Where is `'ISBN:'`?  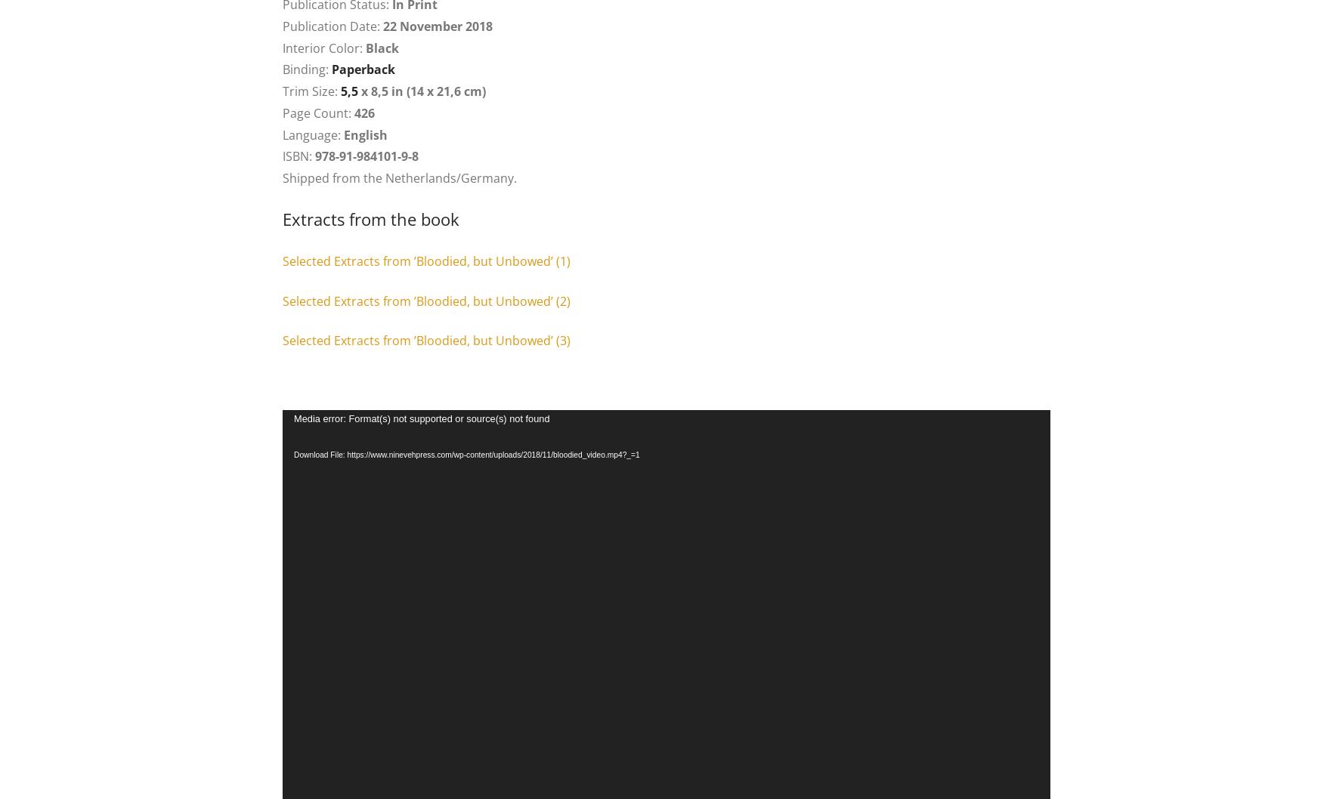 'ISBN:' is located at coordinates (298, 156).